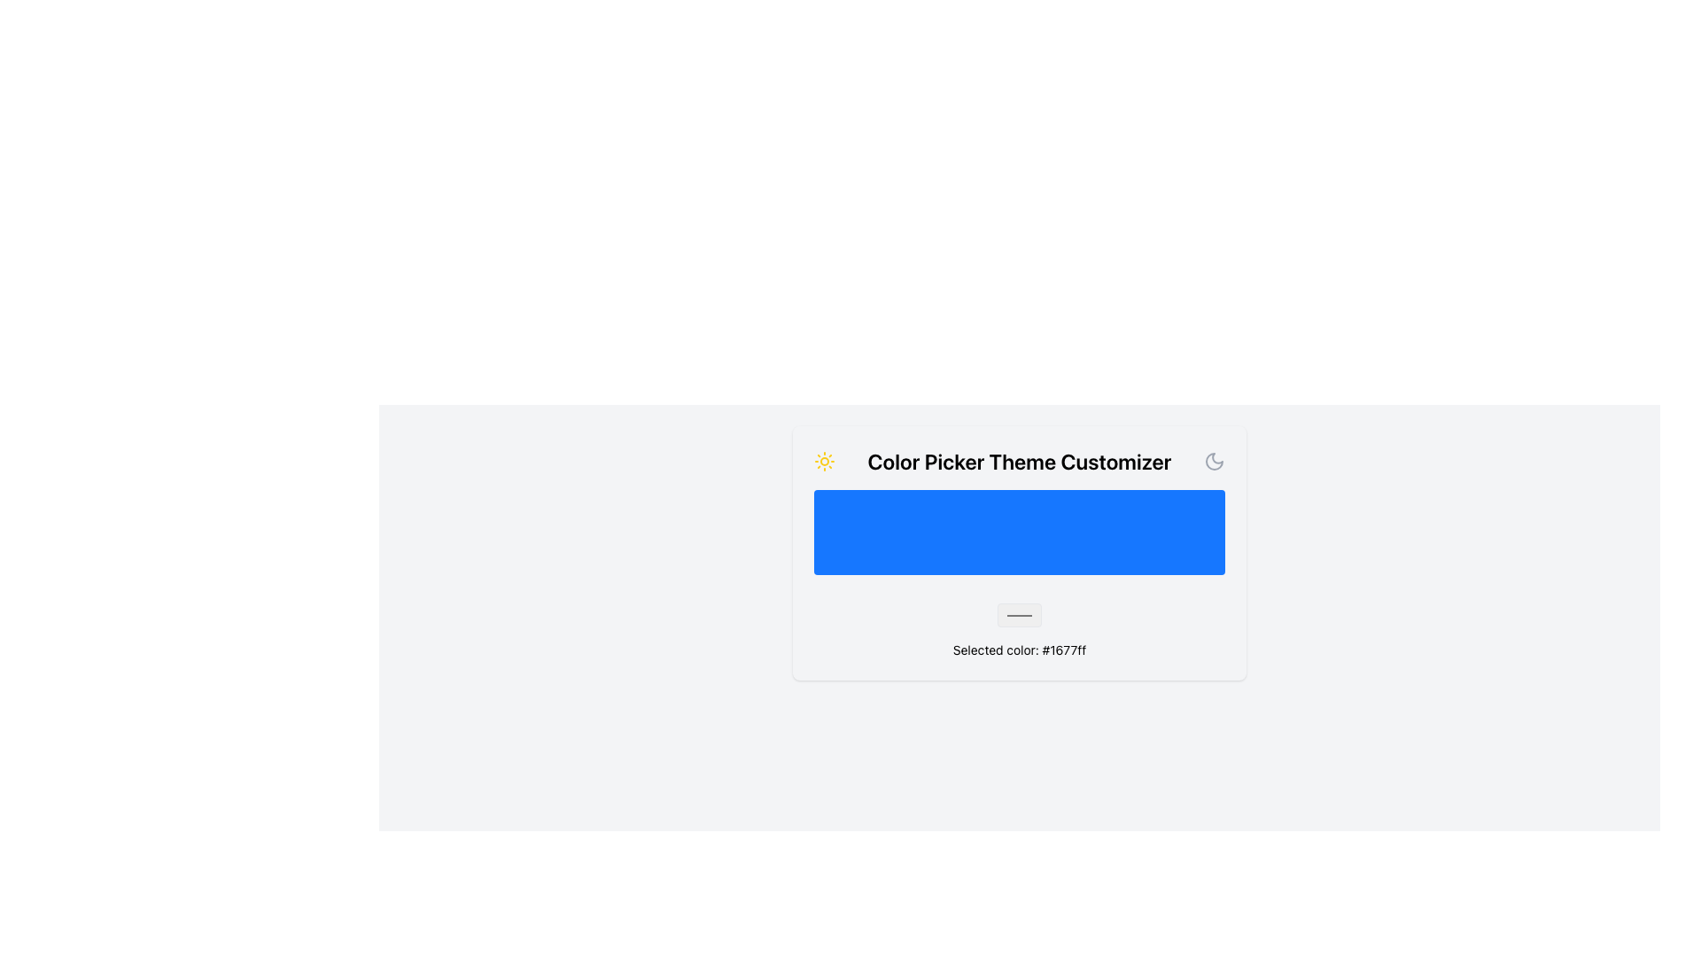 The image size is (1701, 957). What do you see at coordinates (1020, 650) in the screenshot?
I see `the text displaying 'Selected color: #1677ff' located at the bottom of the card component` at bounding box center [1020, 650].